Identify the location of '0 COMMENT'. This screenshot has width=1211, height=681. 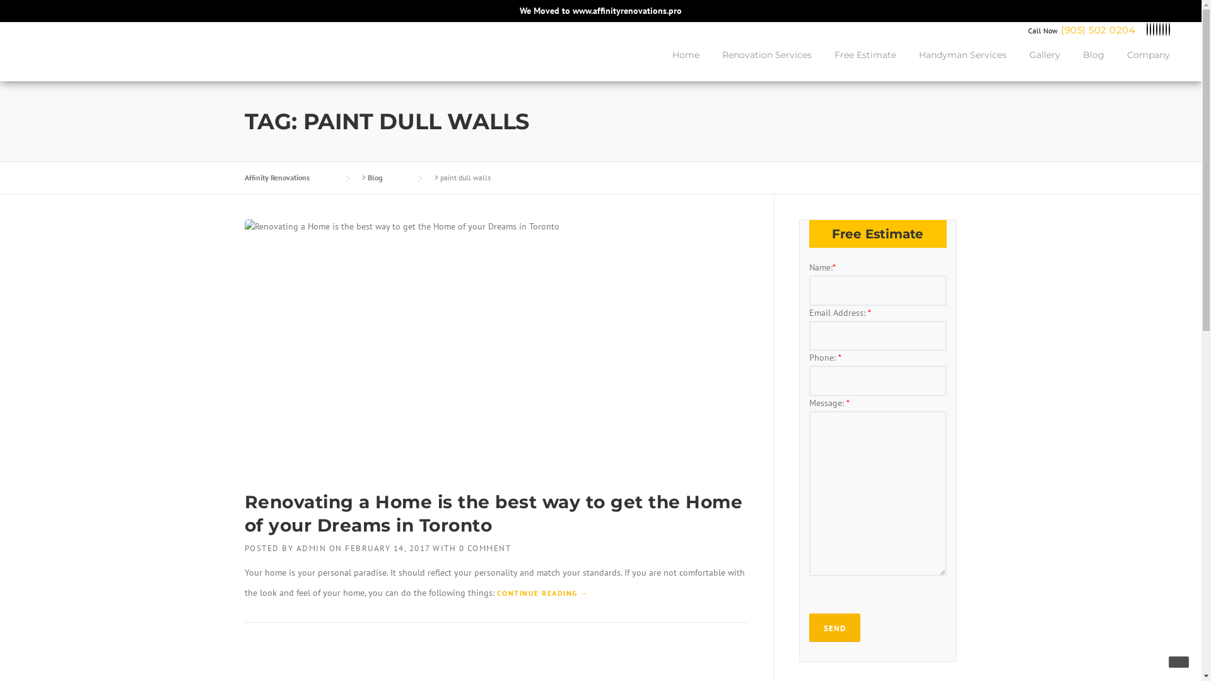
(484, 547).